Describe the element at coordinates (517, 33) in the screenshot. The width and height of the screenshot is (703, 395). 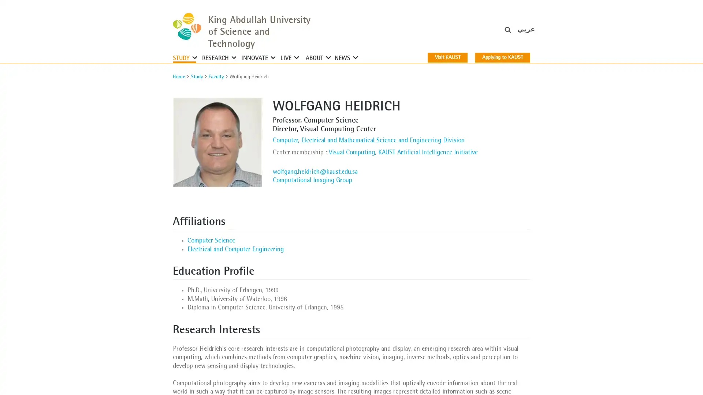
I see `search` at that location.